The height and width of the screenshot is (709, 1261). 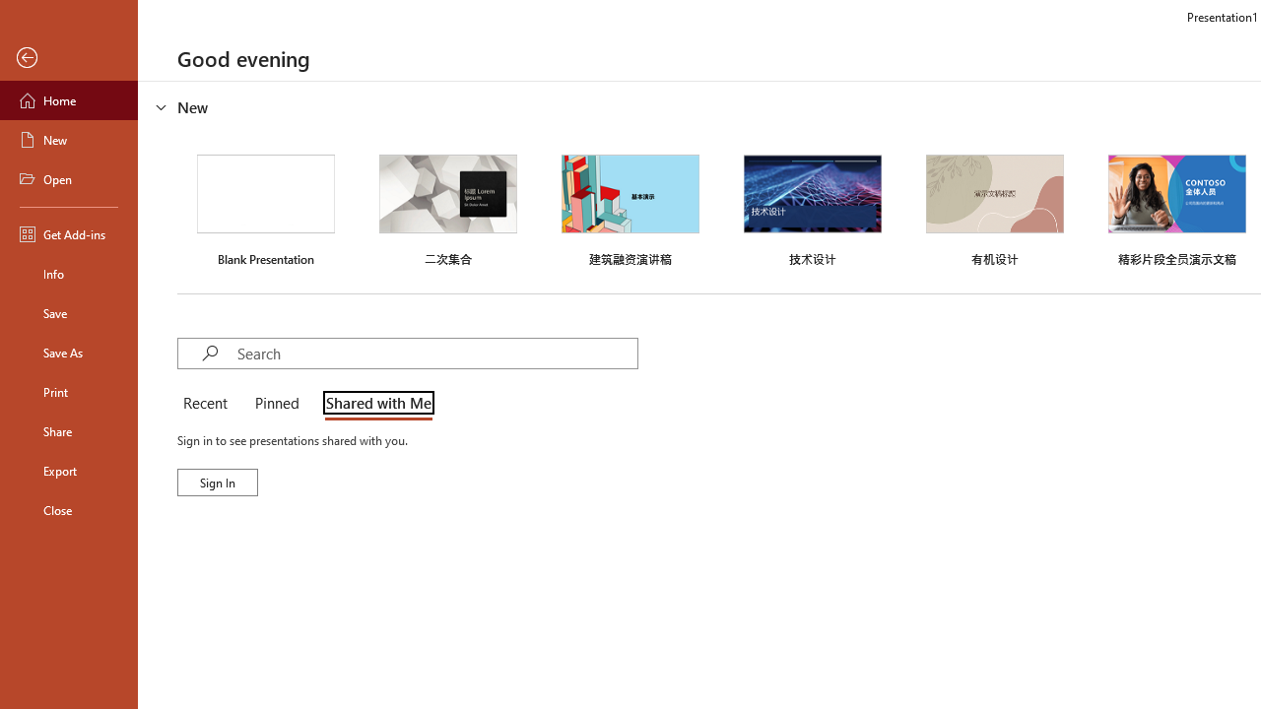 What do you see at coordinates (68, 273) in the screenshot?
I see `'Info'` at bounding box center [68, 273].